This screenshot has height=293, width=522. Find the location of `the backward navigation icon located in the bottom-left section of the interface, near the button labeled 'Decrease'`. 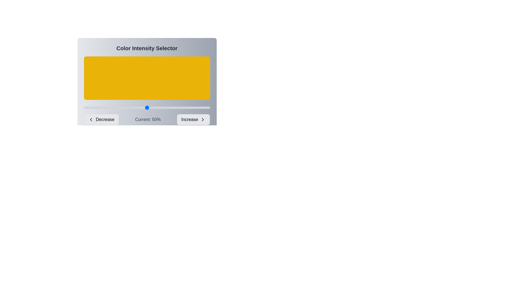

the backward navigation icon located in the bottom-left section of the interface, near the button labeled 'Decrease' is located at coordinates (91, 119).